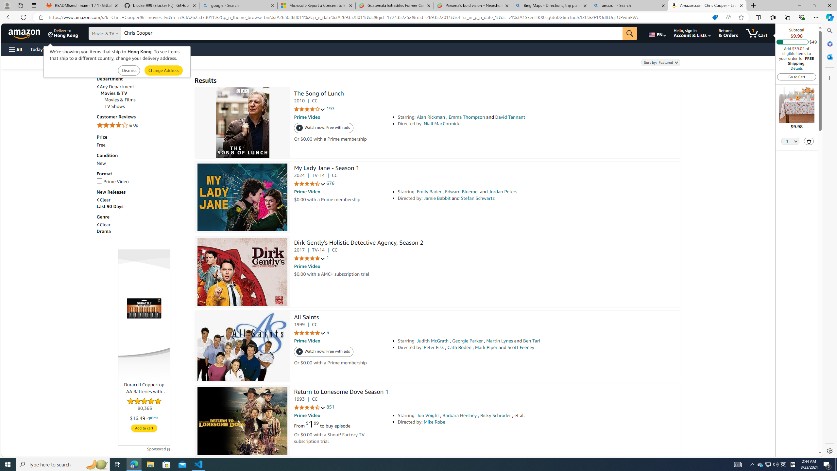  Describe the element at coordinates (467, 340) in the screenshot. I see `'Georgie Parker'` at that location.